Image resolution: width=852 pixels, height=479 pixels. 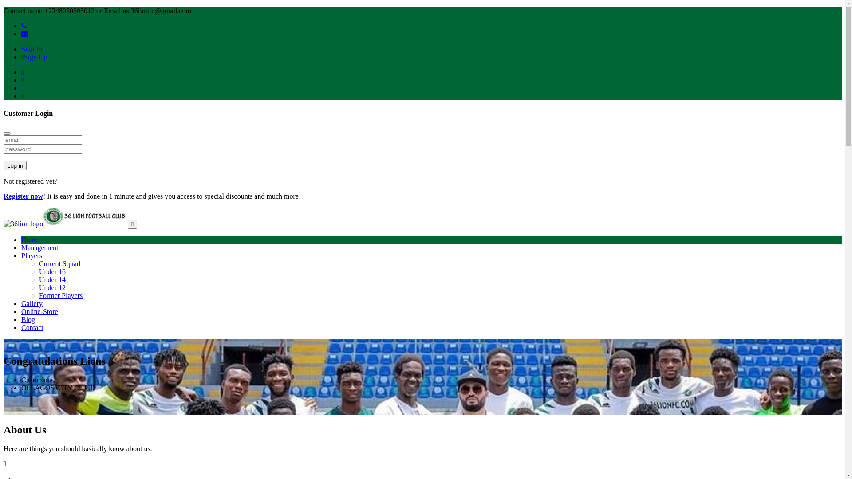 I want to click on 'Under 12', so click(x=38, y=287).